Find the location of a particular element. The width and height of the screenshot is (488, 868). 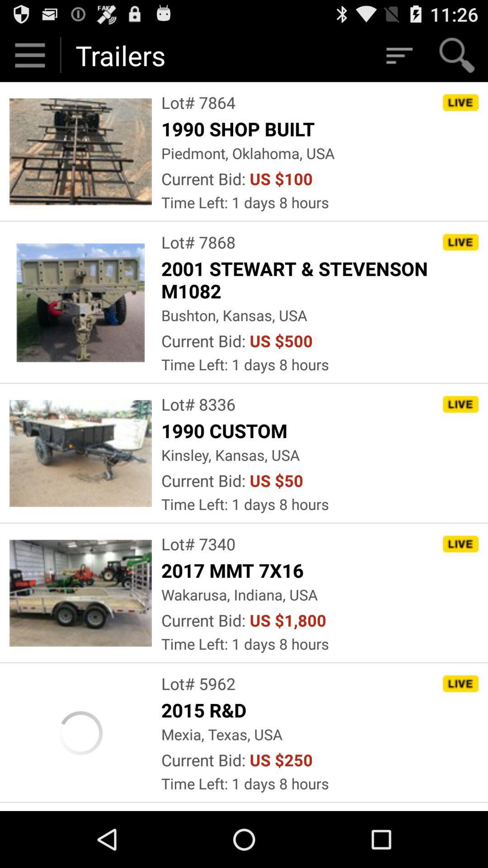

the filter_list icon is located at coordinates (398, 58).